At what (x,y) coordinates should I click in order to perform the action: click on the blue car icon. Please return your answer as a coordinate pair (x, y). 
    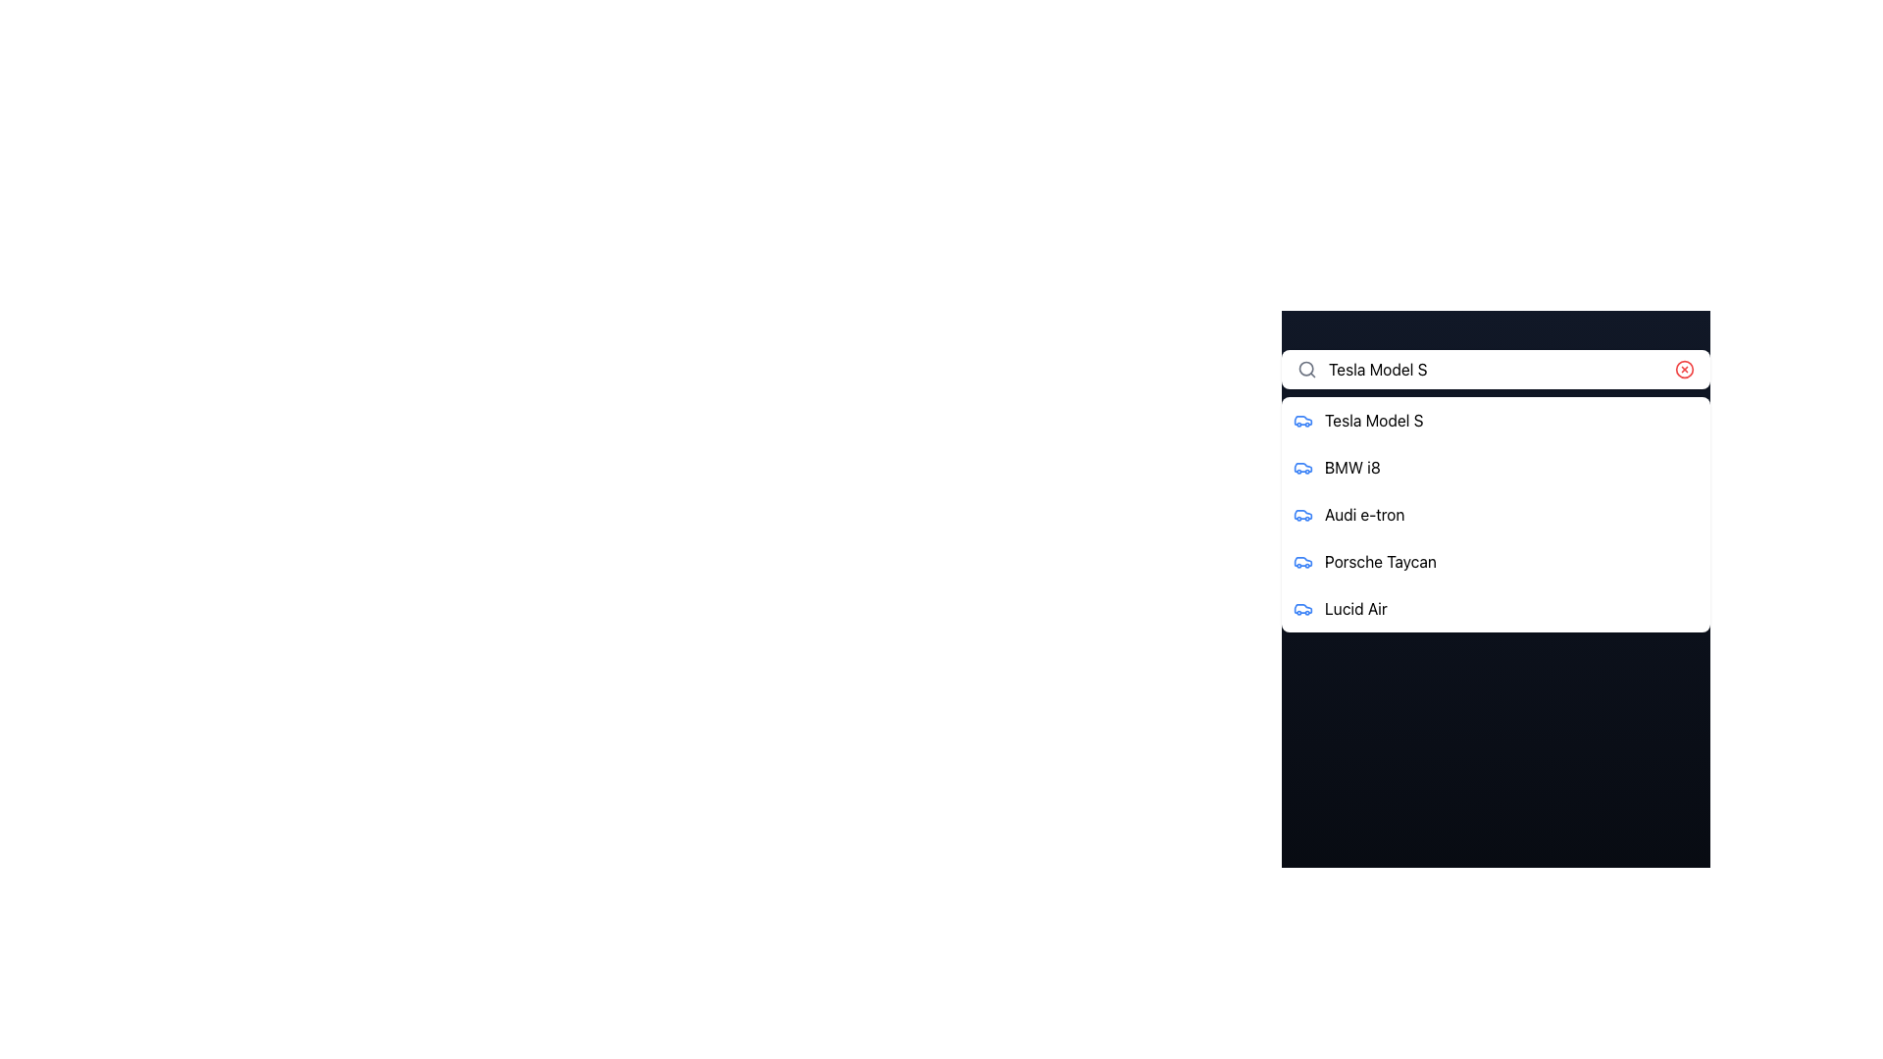
    Looking at the image, I should click on (1303, 468).